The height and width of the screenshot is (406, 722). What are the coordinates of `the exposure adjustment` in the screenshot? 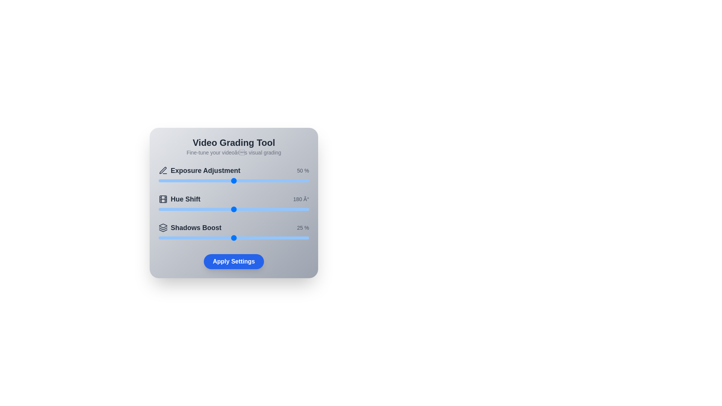 It's located at (195, 181).